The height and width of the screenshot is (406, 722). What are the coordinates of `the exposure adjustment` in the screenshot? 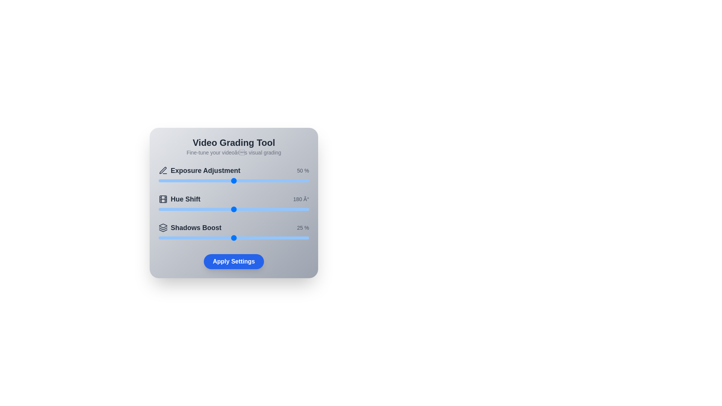 It's located at (195, 181).